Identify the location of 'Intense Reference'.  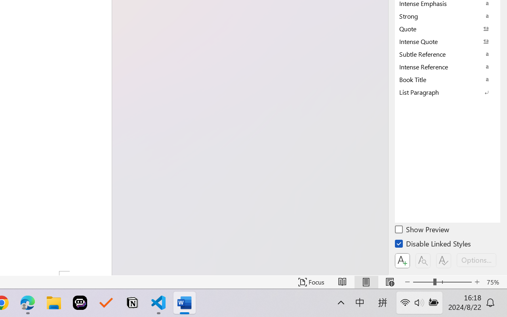
(448, 66).